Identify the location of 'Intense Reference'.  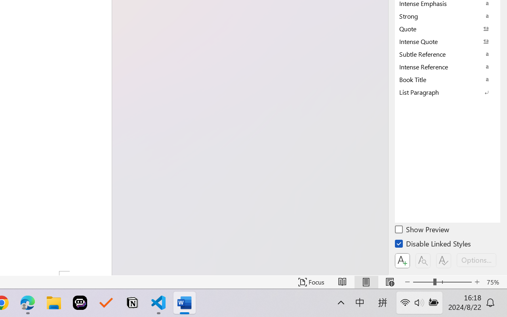
(448, 66).